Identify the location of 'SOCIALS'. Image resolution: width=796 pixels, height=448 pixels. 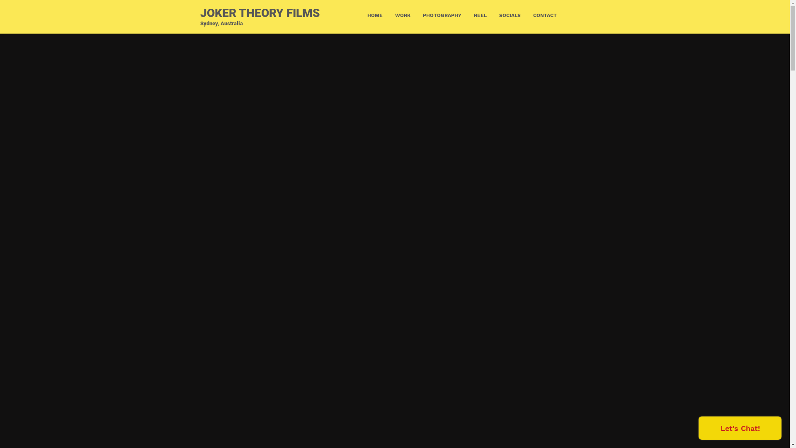
(493, 13).